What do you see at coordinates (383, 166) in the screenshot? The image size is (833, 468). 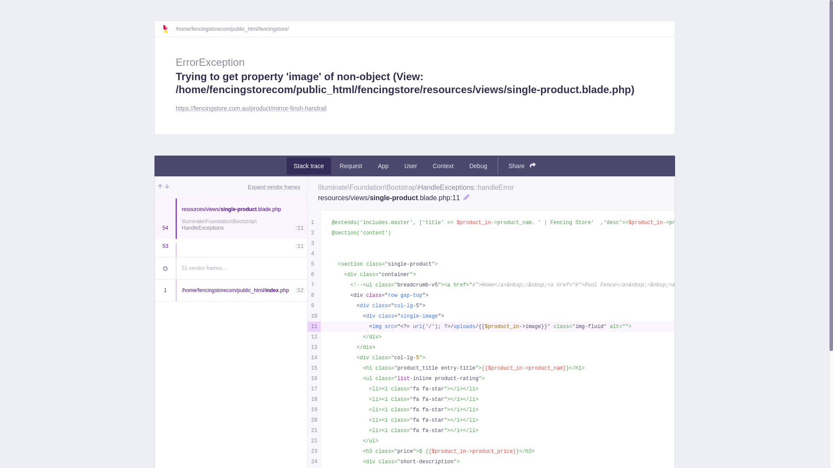 I see `'App'` at bounding box center [383, 166].